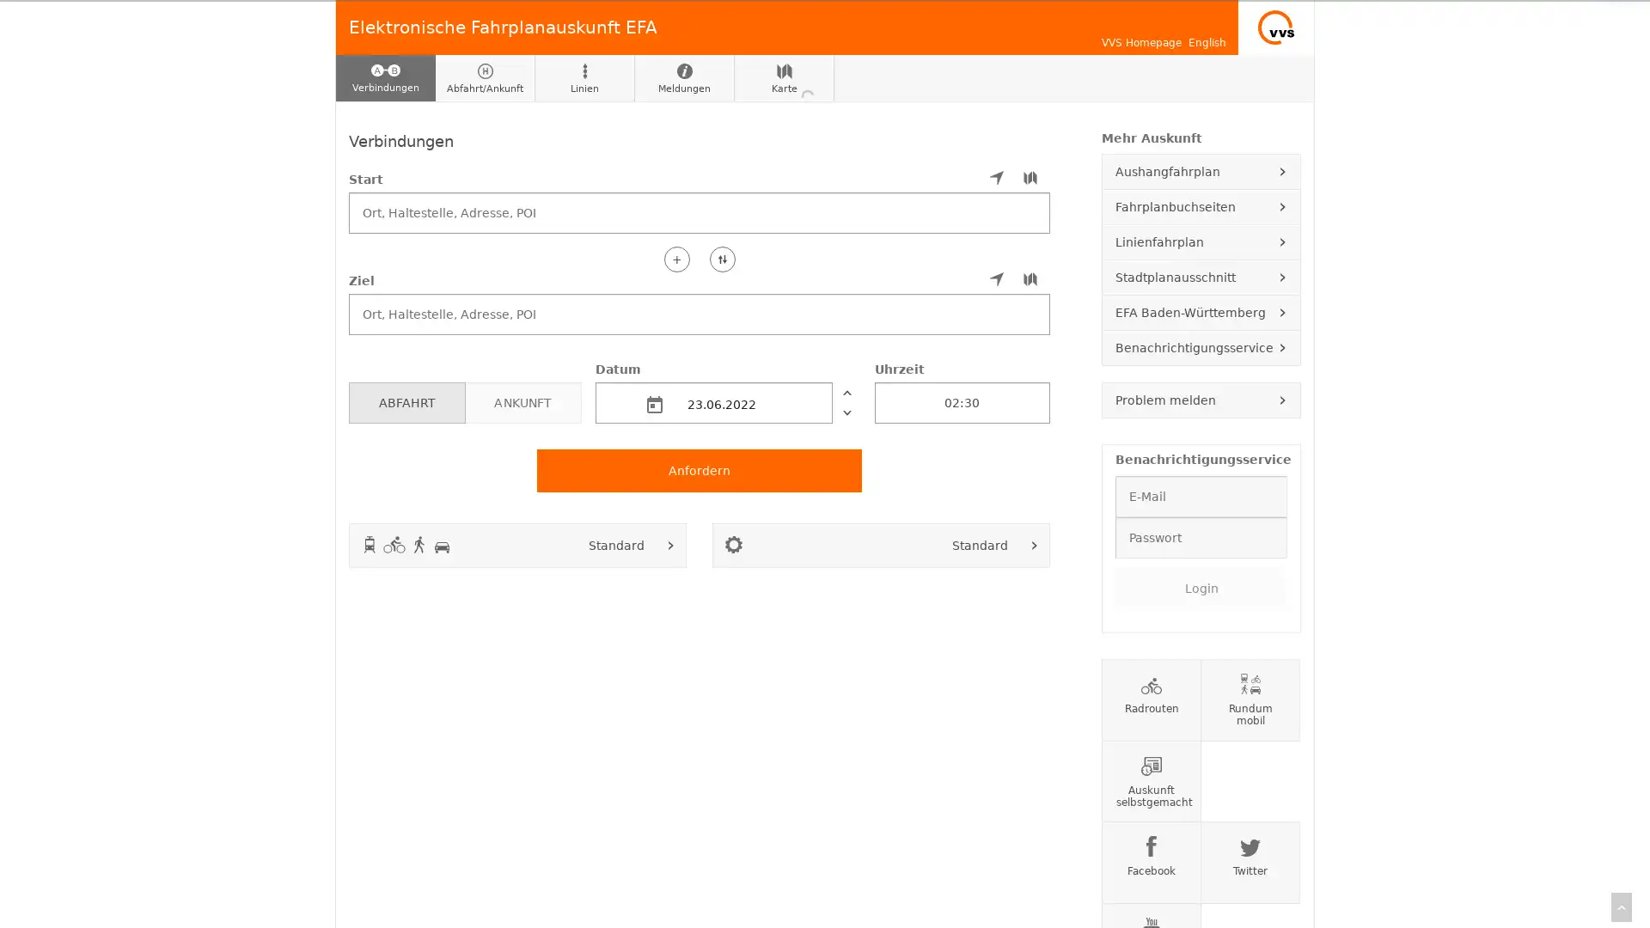 This screenshot has width=1650, height=928. What do you see at coordinates (485, 78) in the screenshot?
I see `Abfahrt/Ankunft` at bounding box center [485, 78].